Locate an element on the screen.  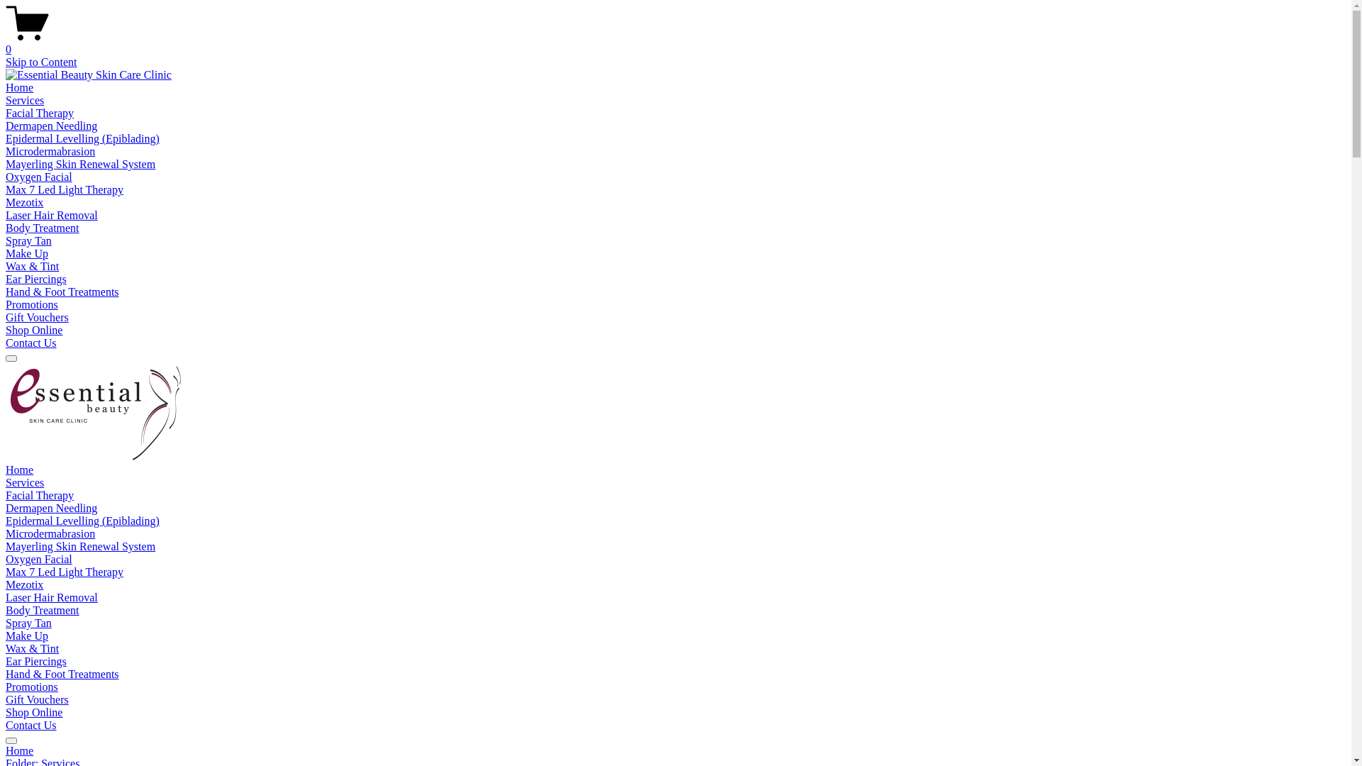
'Services' is located at coordinates (24, 99).